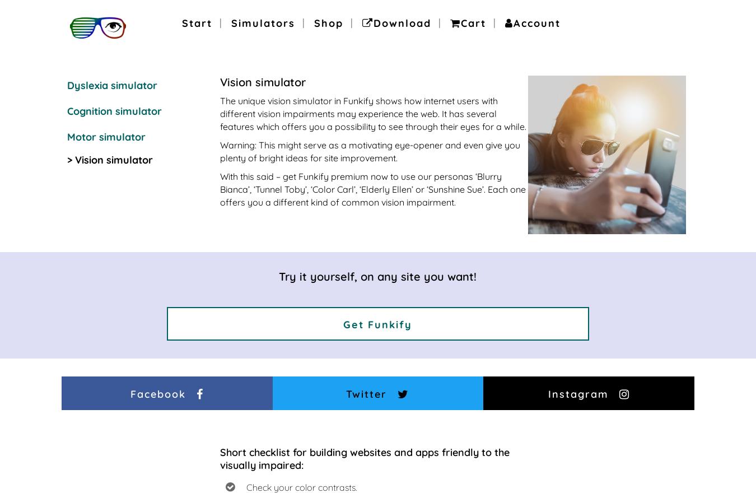 The image size is (756, 493). Describe the element at coordinates (377, 324) in the screenshot. I see `'Get Funkify'` at that location.